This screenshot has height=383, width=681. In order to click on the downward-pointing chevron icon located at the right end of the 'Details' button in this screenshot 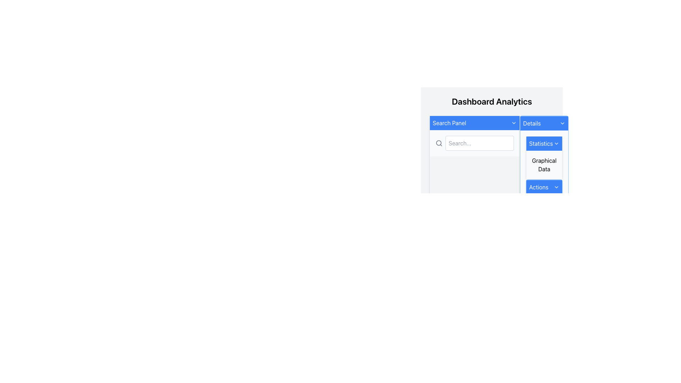, I will do `click(562, 123)`.